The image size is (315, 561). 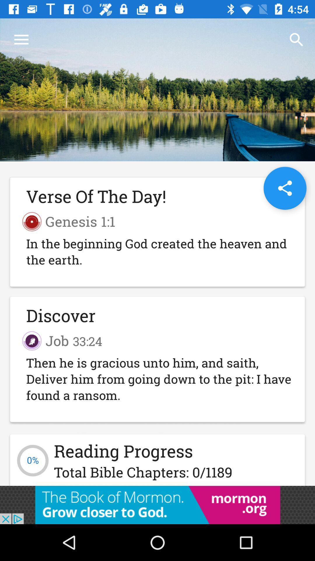 I want to click on visit advertiser, so click(x=157, y=505).